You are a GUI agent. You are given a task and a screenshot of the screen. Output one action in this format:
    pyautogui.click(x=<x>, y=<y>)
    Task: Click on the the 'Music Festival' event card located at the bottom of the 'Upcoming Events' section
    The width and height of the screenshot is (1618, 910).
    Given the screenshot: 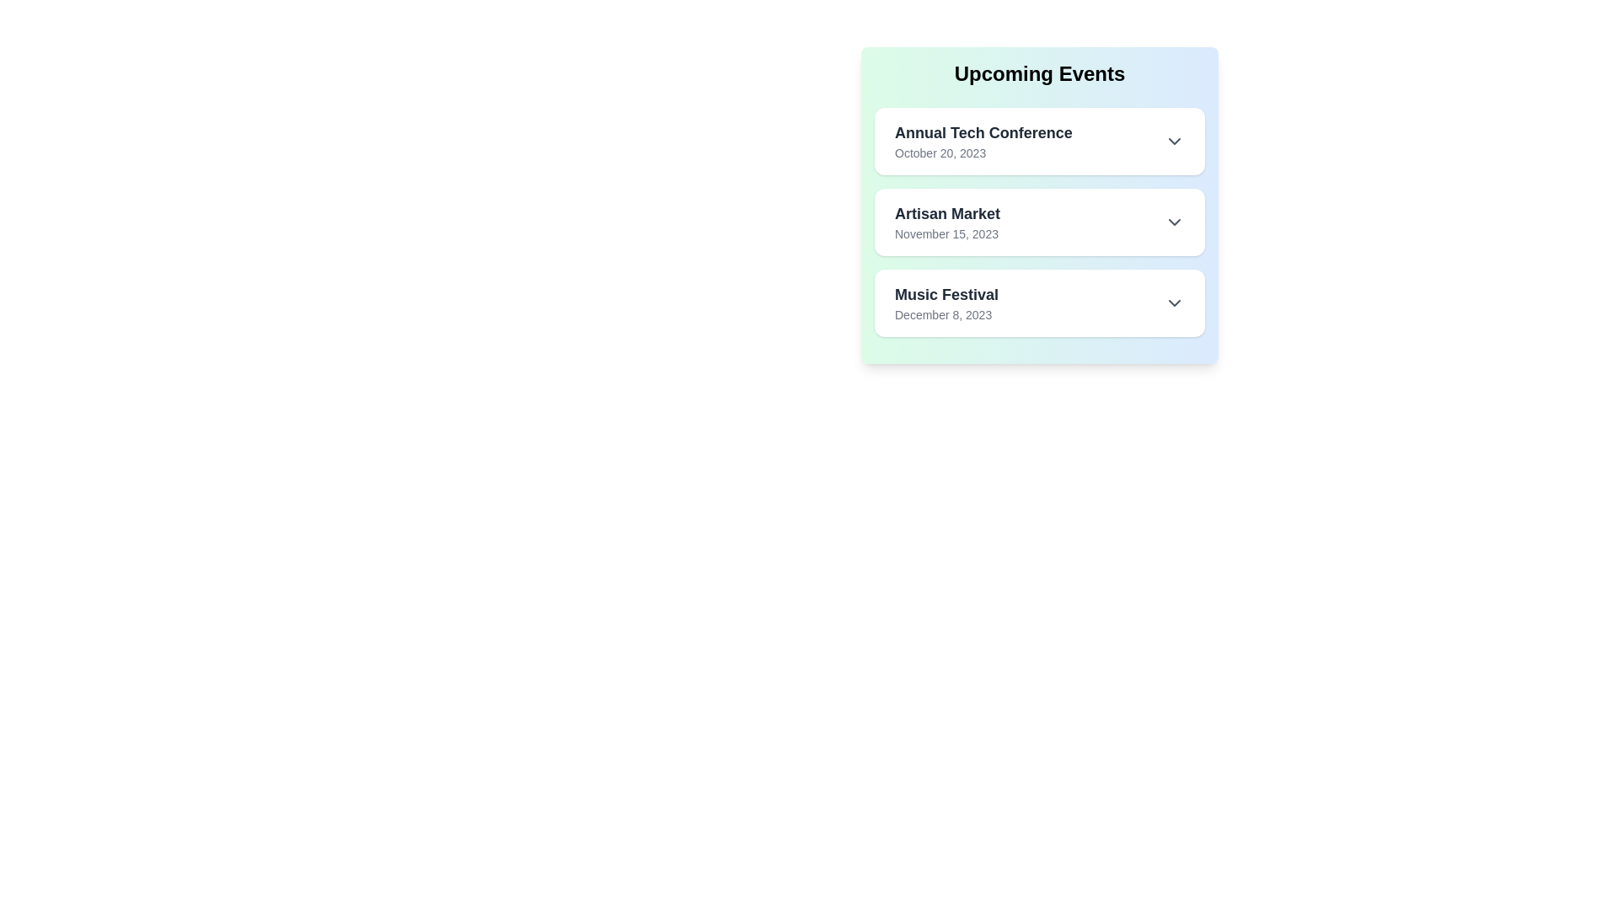 What is the action you would take?
    pyautogui.click(x=1038, y=302)
    